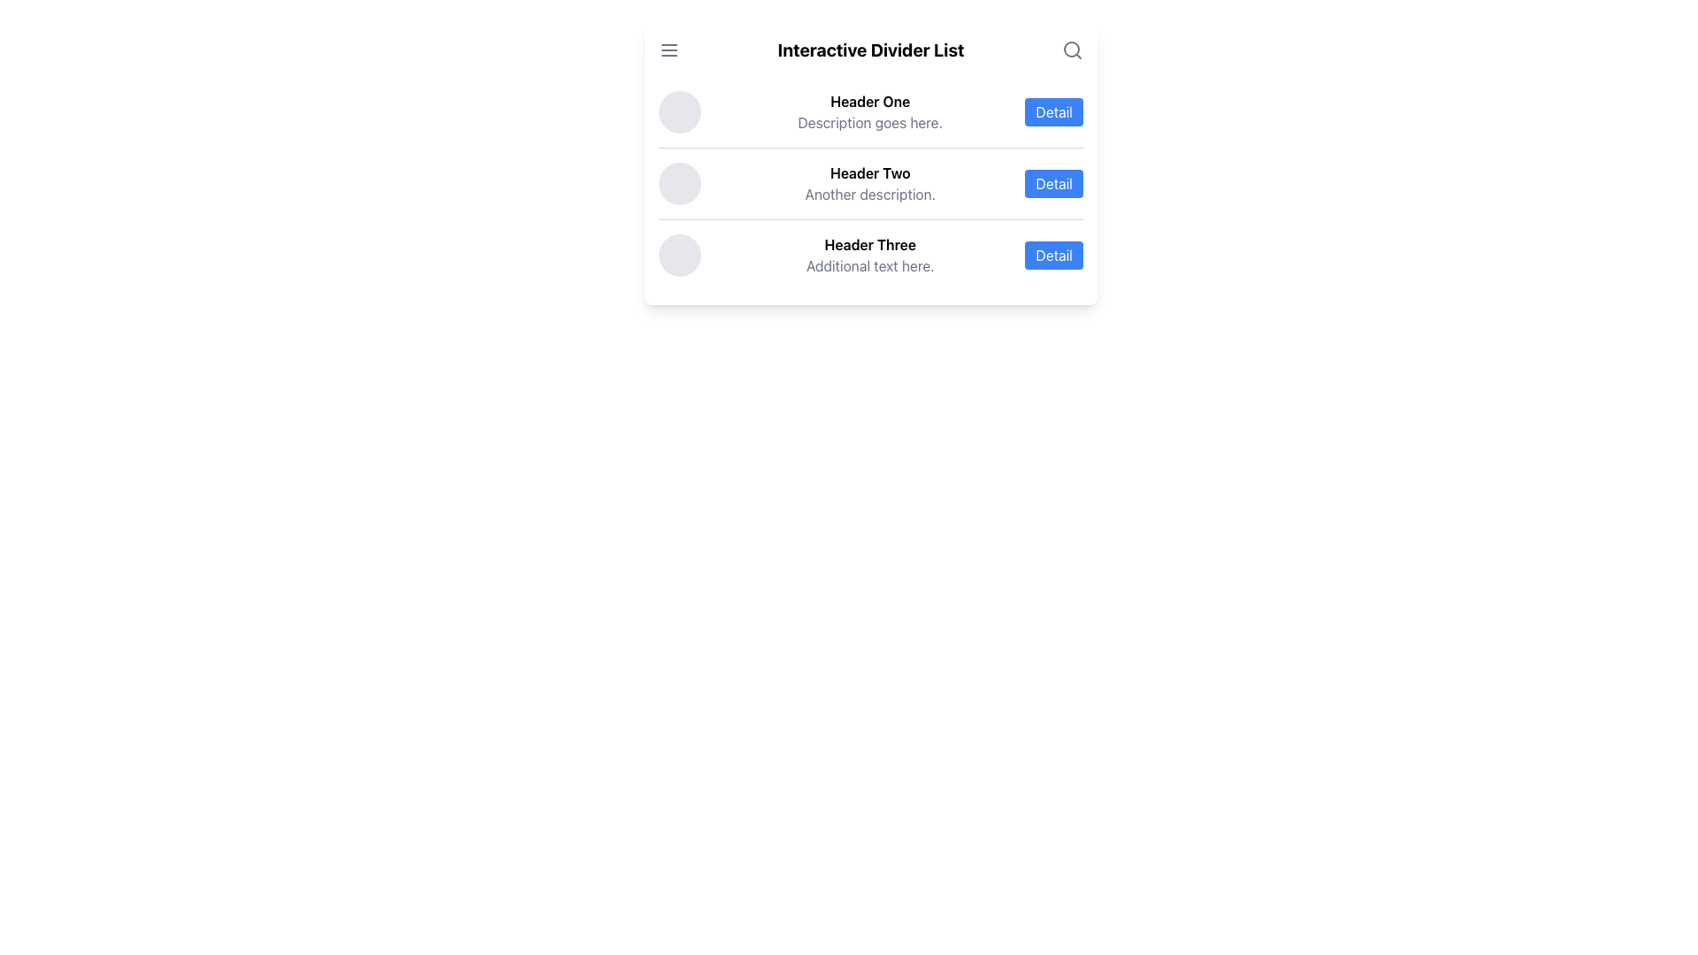 The width and height of the screenshot is (1698, 955). What do you see at coordinates (1054, 112) in the screenshot?
I see `the button that navigates to a detailed view related to 'Header One'` at bounding box center [1054, 112].